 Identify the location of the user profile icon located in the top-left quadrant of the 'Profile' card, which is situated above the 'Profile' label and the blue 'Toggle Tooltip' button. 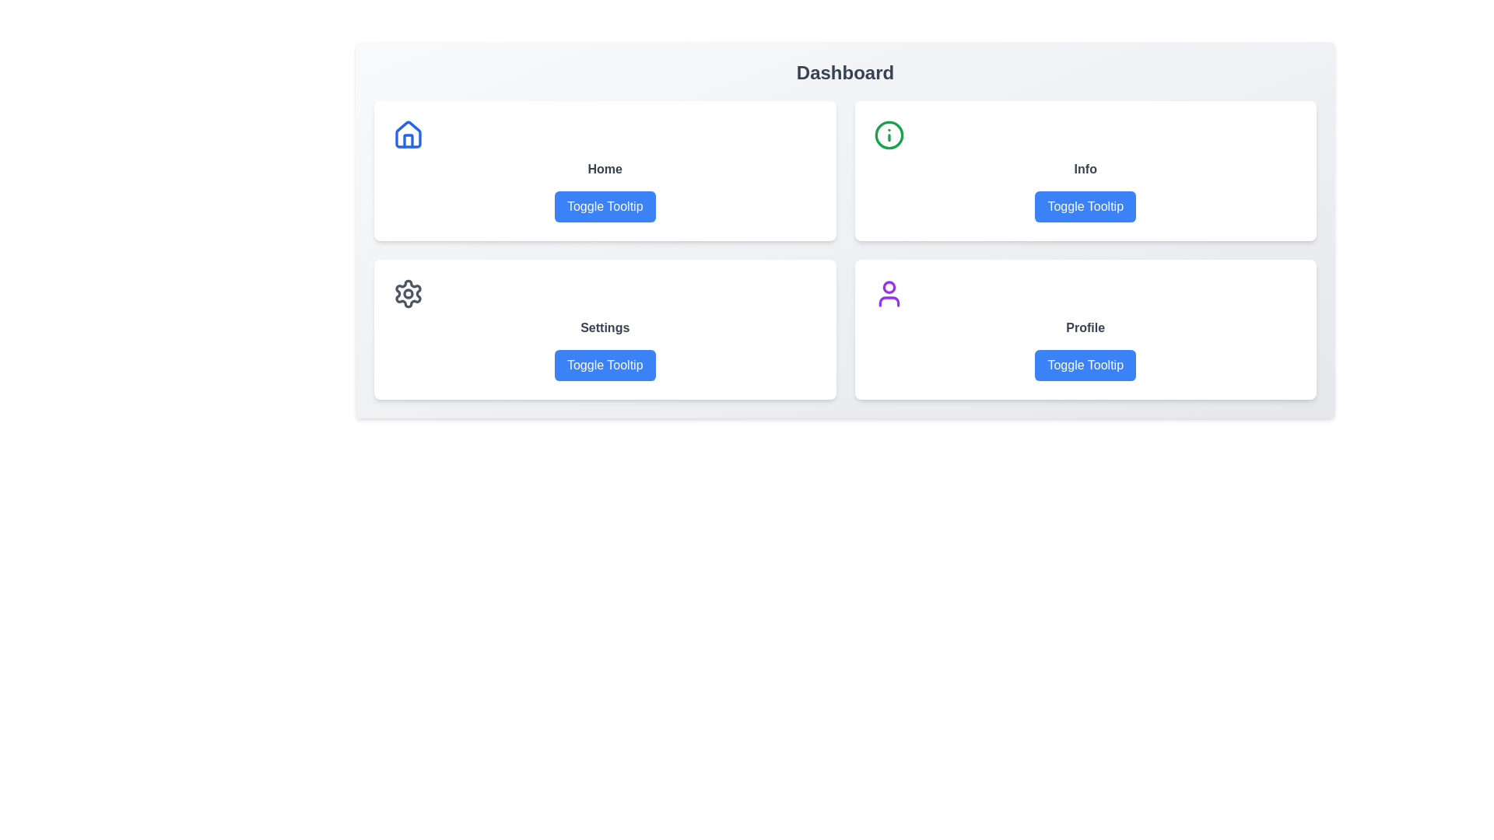
(889, 294).